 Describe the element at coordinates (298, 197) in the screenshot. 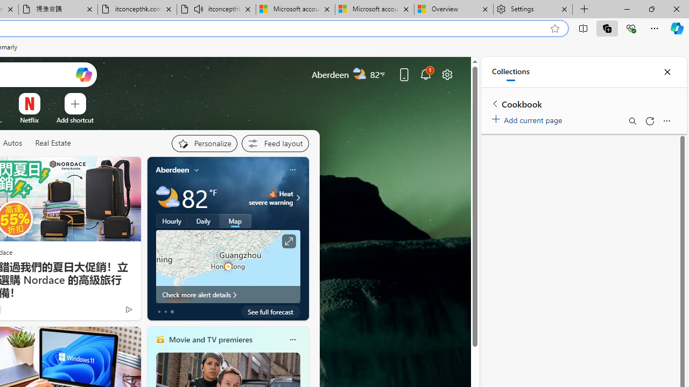

I see `'Class: weather-arrow-glyph'` at that location.